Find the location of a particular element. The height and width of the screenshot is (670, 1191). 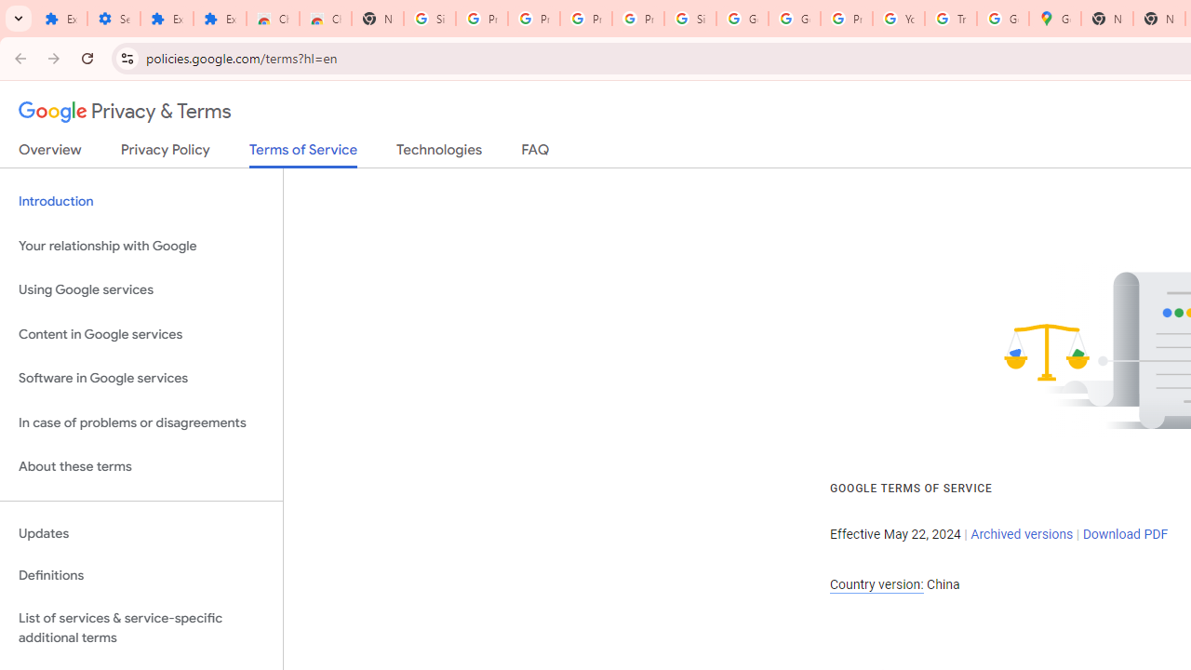

'YouTube' is located at coordinates (899, 19).